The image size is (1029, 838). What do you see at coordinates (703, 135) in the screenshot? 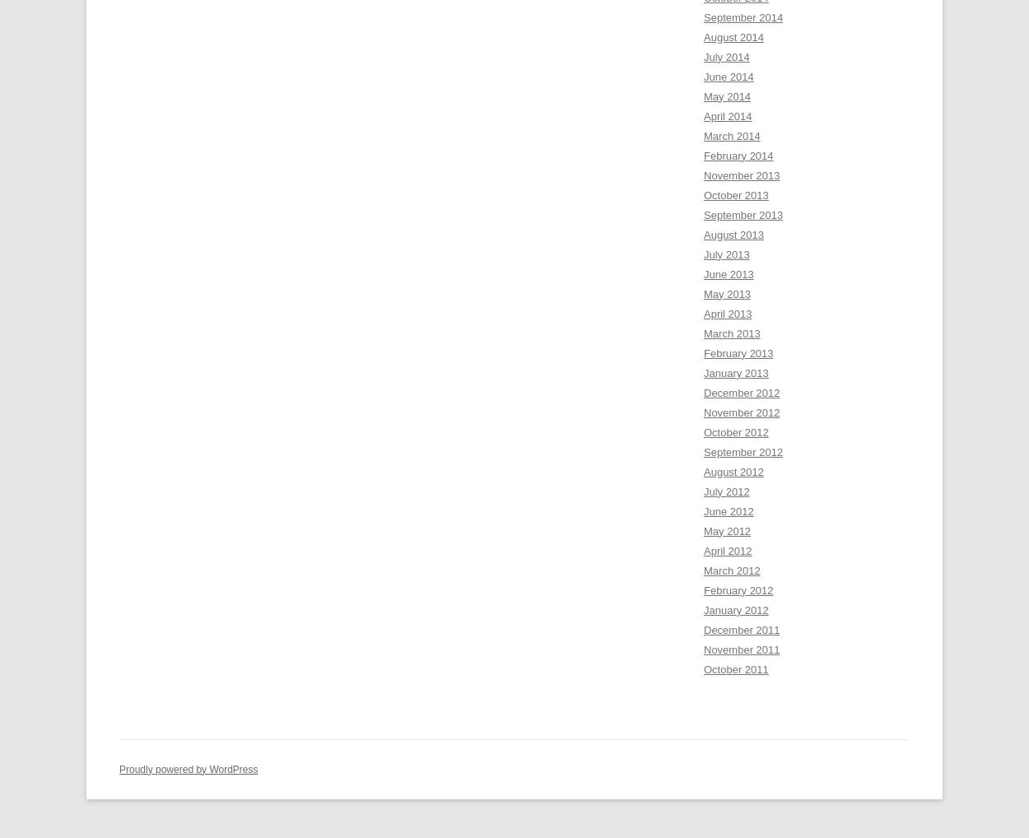
I see `'March 2014'` at bounding box center [703, 135].